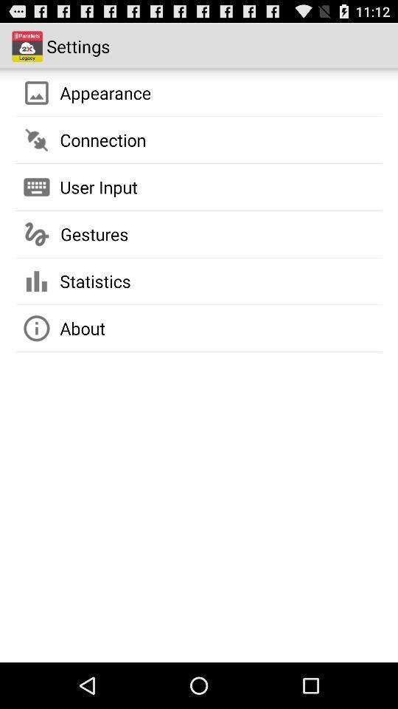  Describe the element at coordinates (102, 140) in the screenshot. I see `connection` at that location.